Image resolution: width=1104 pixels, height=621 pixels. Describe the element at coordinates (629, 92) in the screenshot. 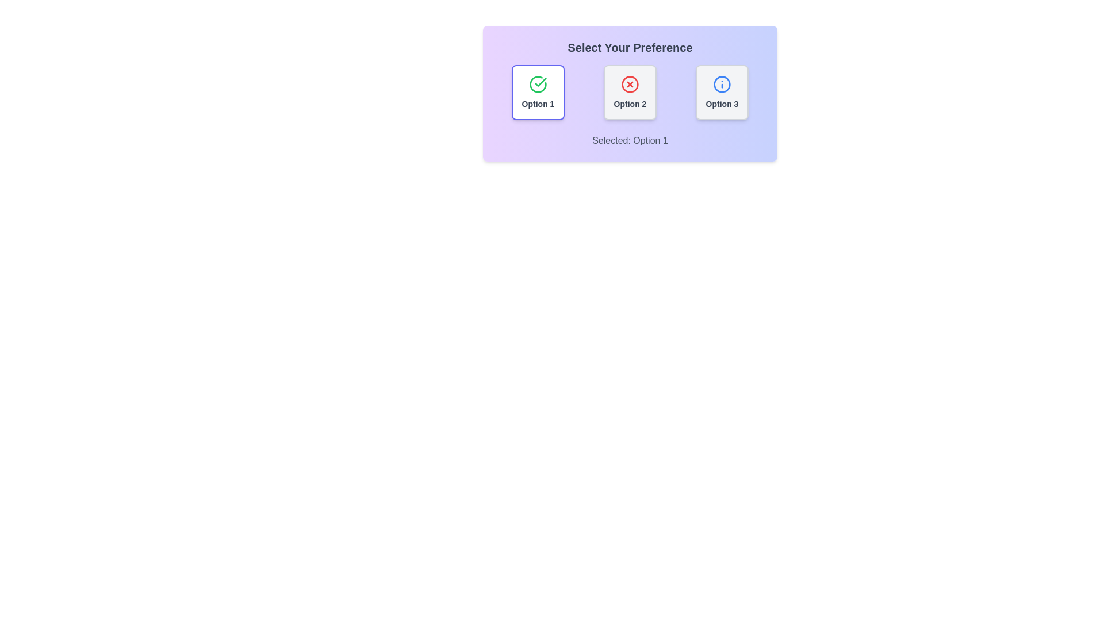

I see `the button corresponding to Option 2 to observe the hover effect` at that location.